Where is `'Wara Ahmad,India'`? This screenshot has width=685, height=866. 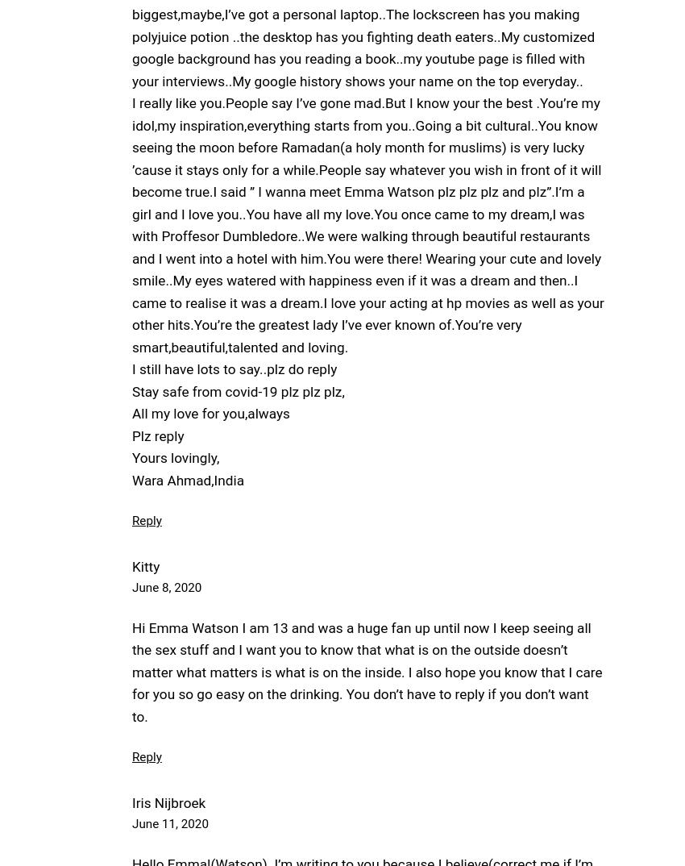 'Wara Ahmad,India' is located at coordinates (188, 479).